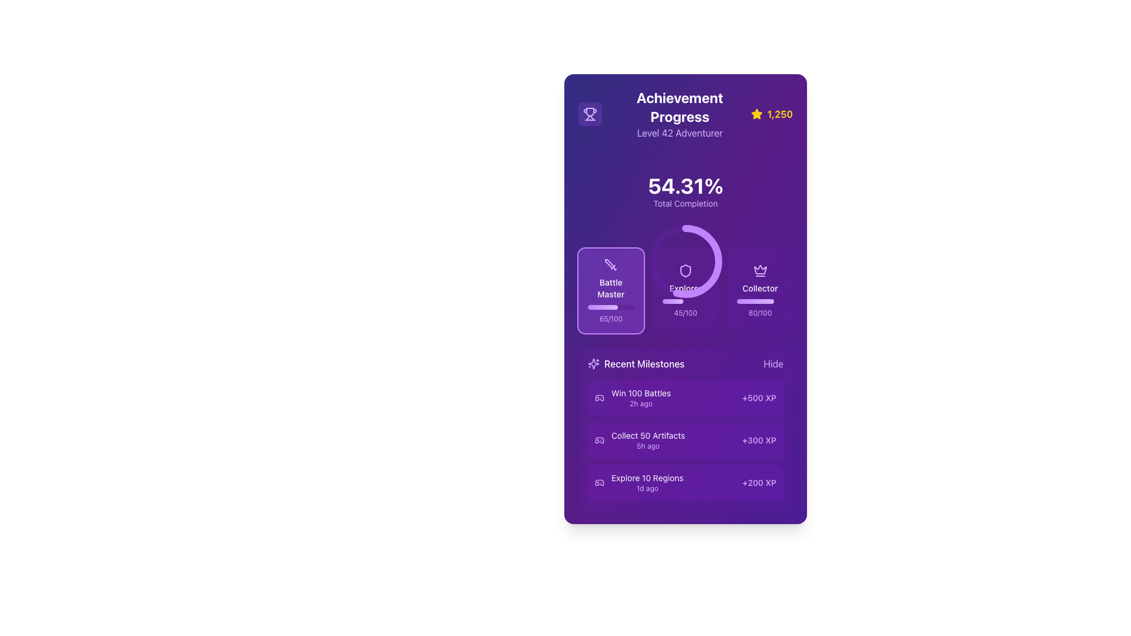 The image size is (1131, 636). Describe the element at coordinates (647, 446) in the screenshot. I see `information displayed in the small text label '5h ago' located below the 'Collect 50 Artifacts' text in the recent milestones section` at that location.